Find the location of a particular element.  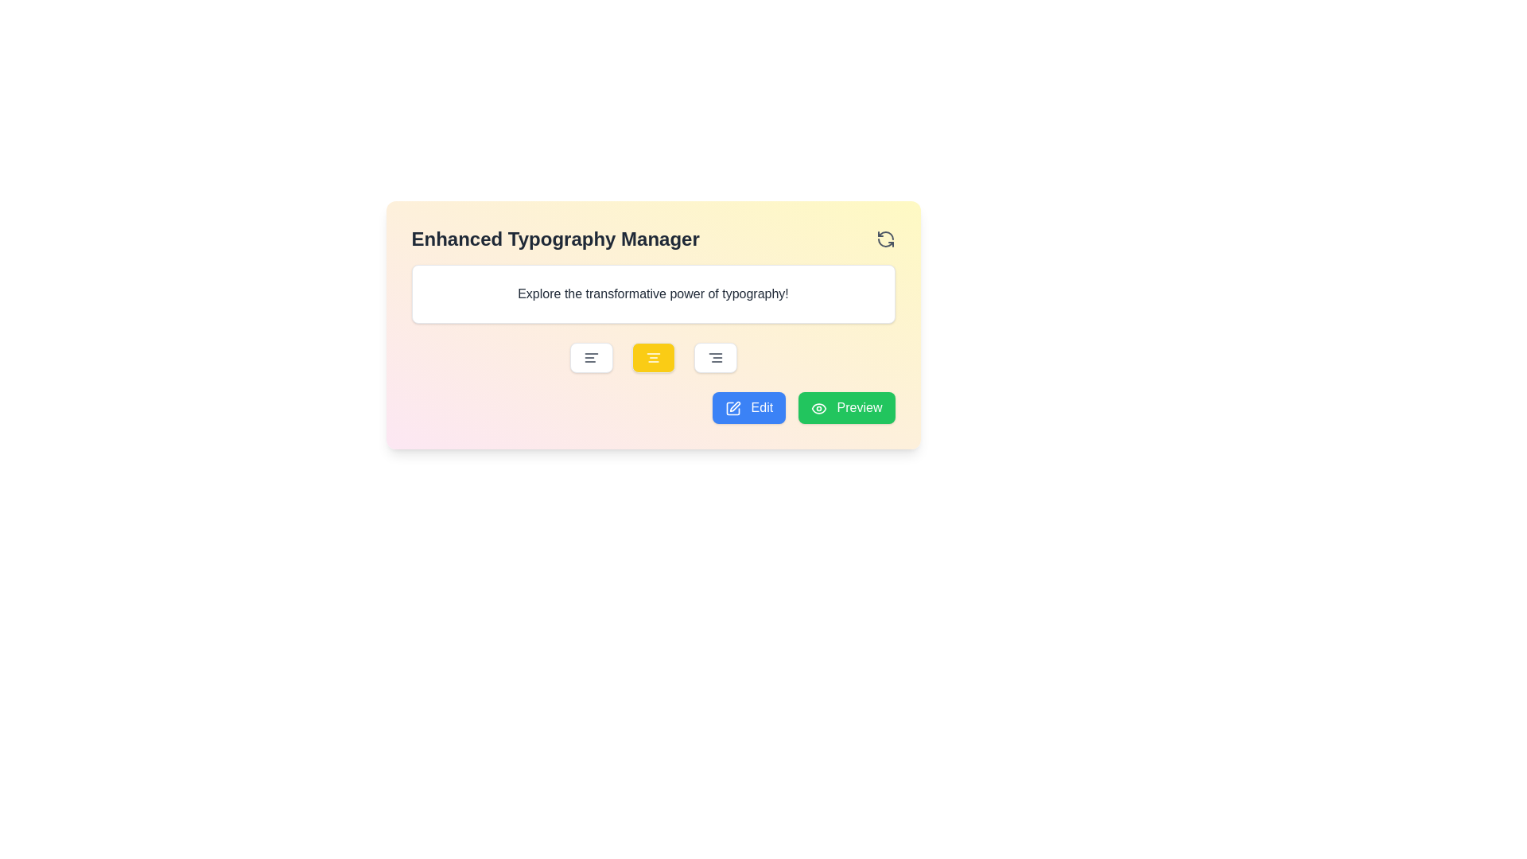

the icon button resembling a vertical stack of three horizontal lines is located at coordinates (714, 358).